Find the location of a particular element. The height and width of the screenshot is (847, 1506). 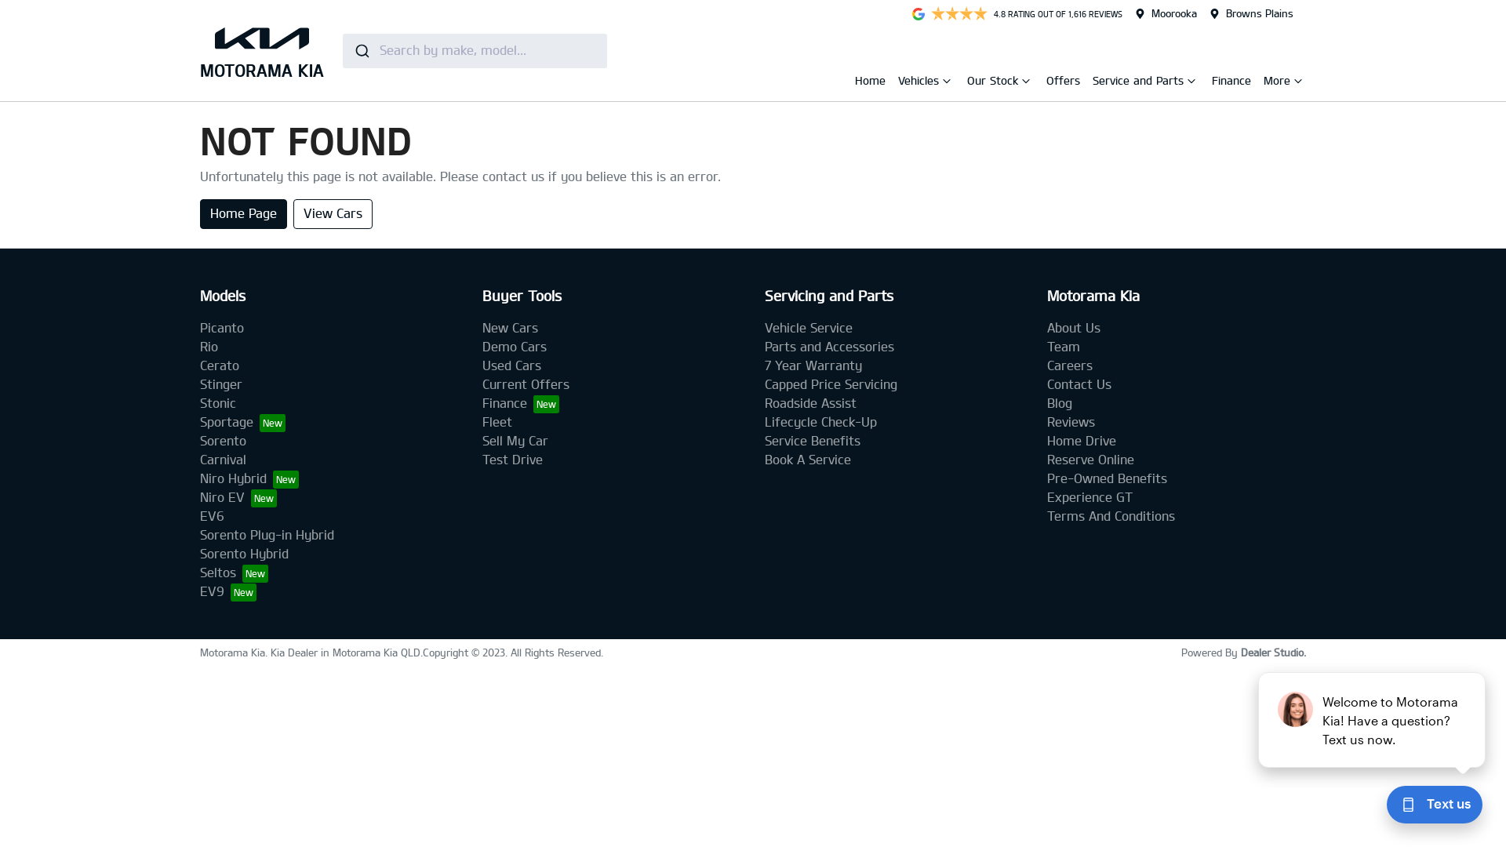

'EV9' is located at coordinates (227, 591).